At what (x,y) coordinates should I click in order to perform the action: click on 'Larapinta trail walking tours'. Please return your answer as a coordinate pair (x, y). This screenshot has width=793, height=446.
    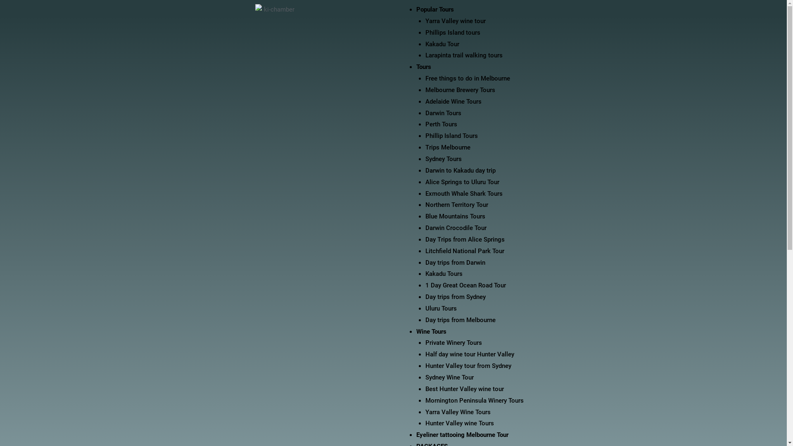
    Looking at the image, I should click on (425, 55).